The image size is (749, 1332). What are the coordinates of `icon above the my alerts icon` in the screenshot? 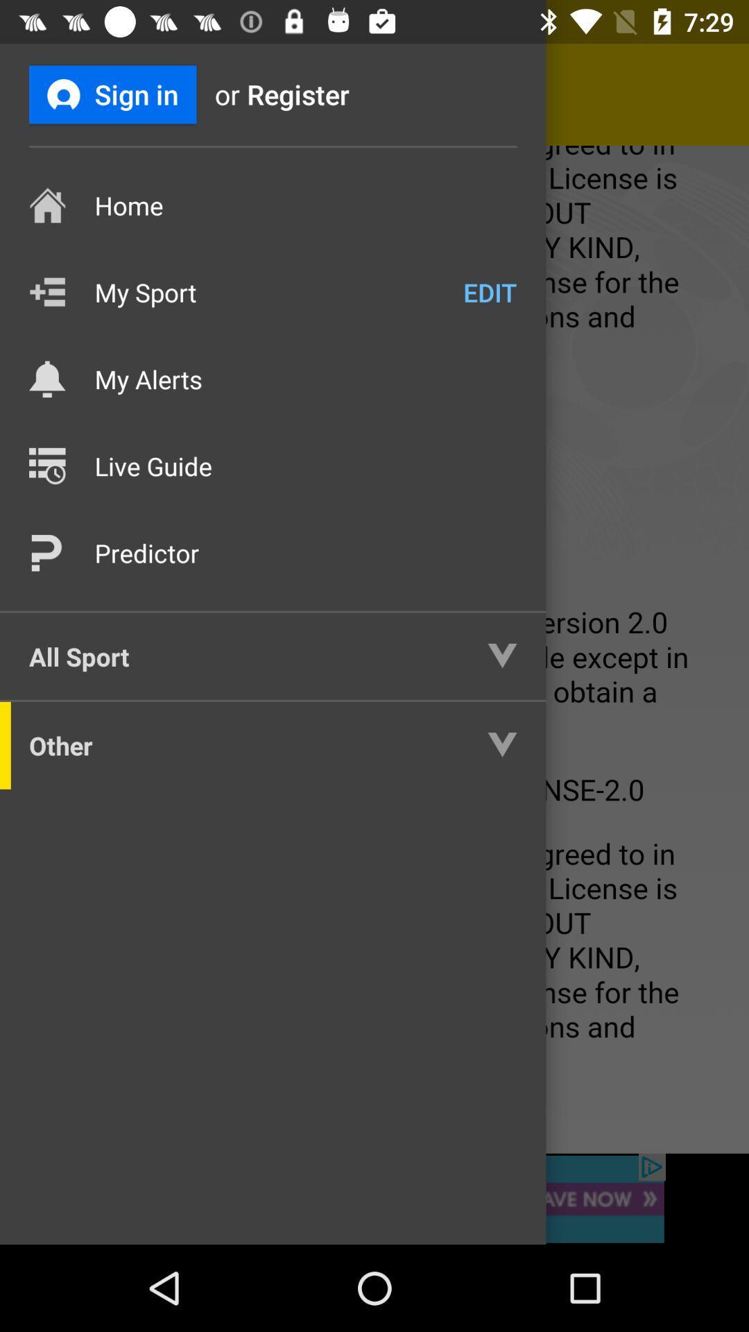 It's located at (489, 291).